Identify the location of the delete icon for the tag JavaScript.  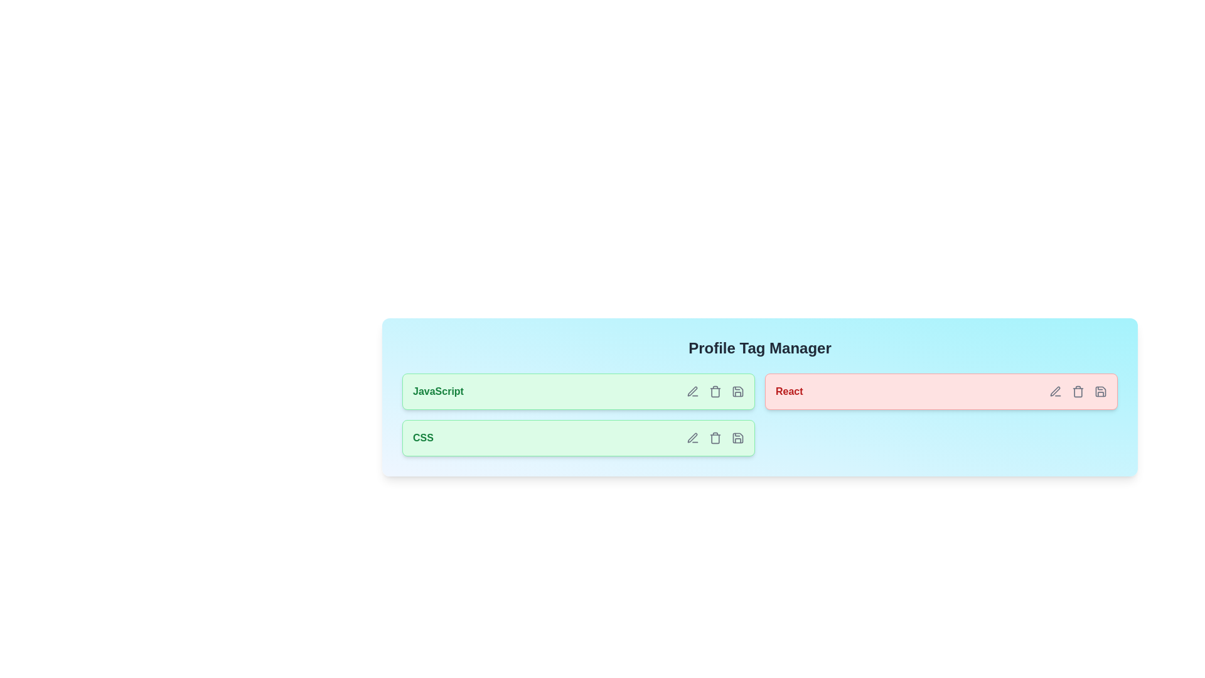
(715, 391).